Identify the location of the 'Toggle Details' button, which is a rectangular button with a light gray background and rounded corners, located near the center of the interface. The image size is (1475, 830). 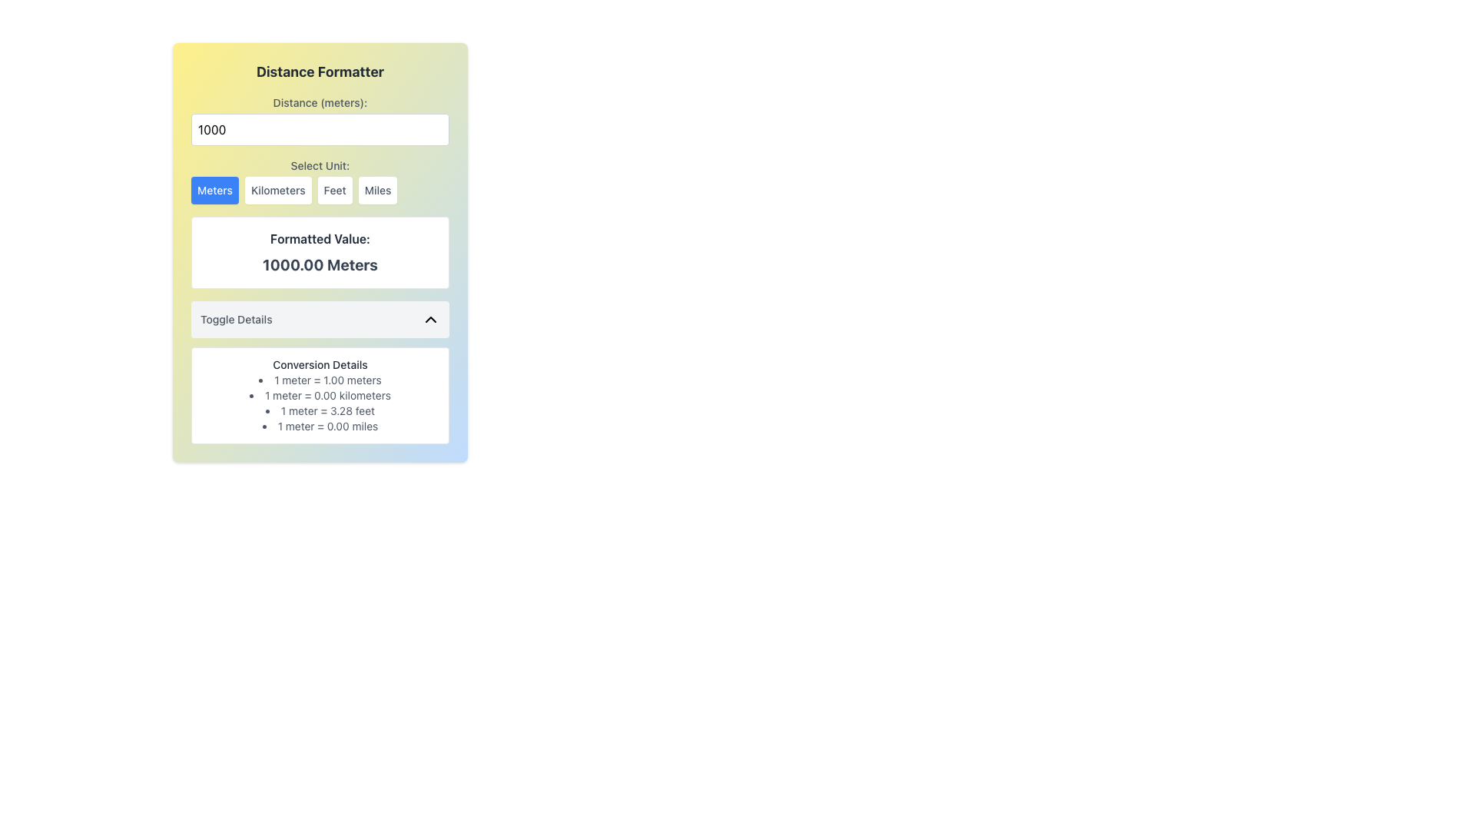
(320, 319).